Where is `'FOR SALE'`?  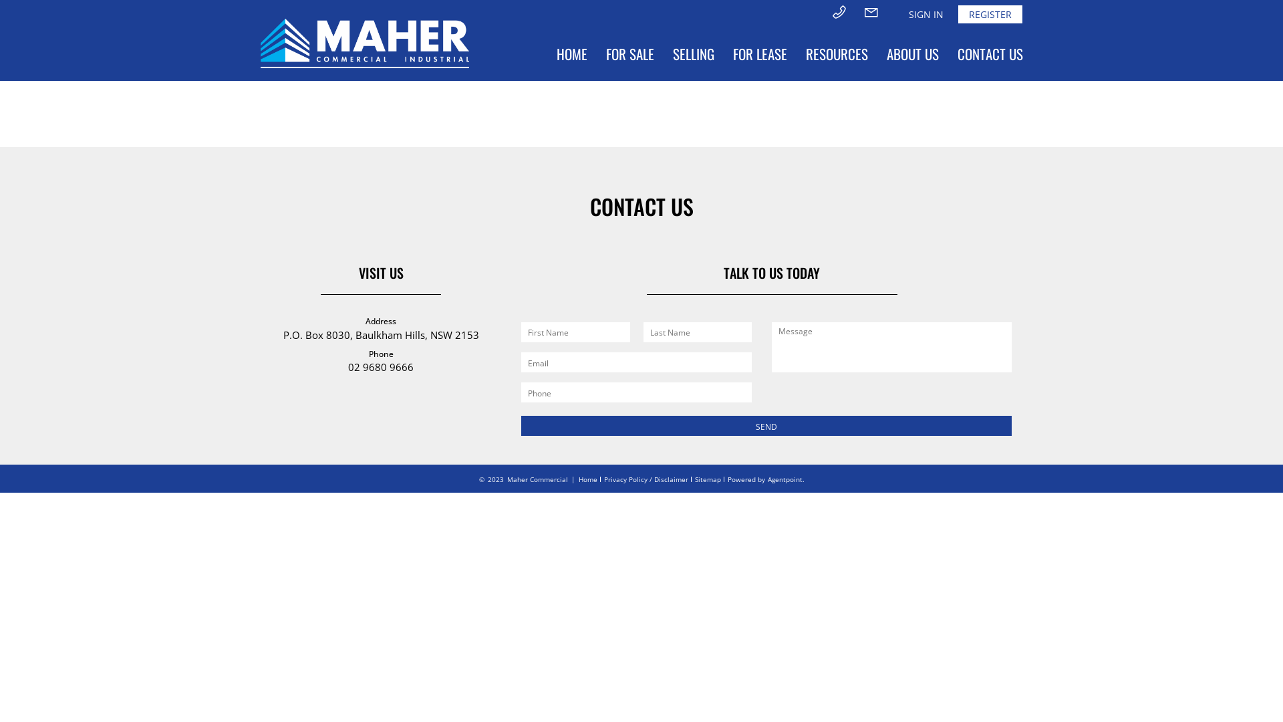
'FOR SALE' is located at coordinates (629, 53).